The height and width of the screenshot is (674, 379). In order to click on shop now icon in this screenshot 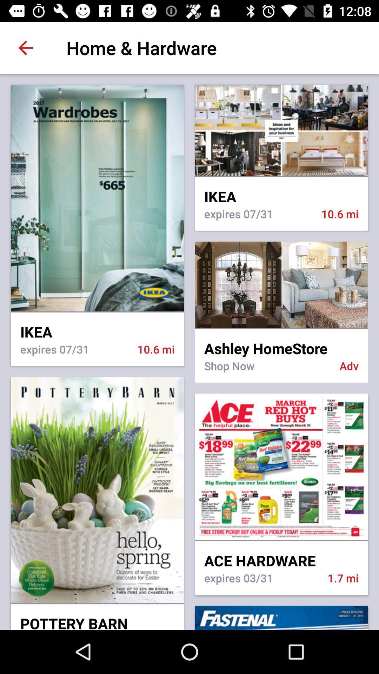, I will do `click(267, 370)`.